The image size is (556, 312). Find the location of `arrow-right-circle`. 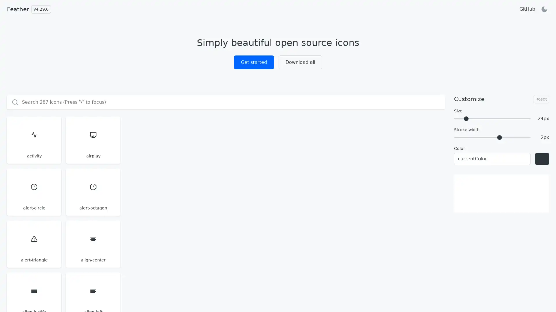

arrow-right-circle is located at coordinates (29, 244).